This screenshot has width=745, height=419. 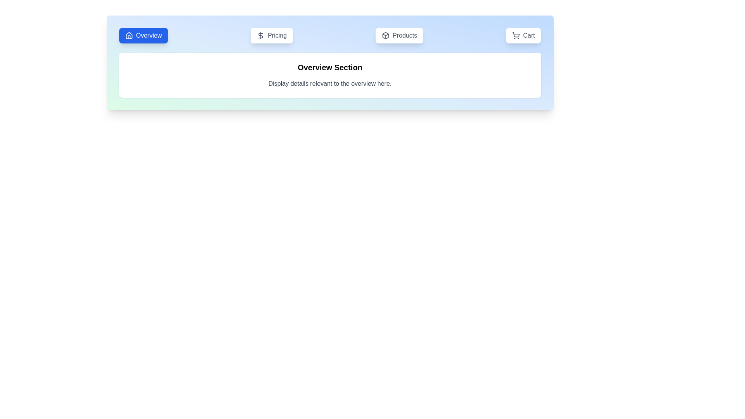 I want to click on the Cart tab by clicking its button, so click(x=523, y=36).